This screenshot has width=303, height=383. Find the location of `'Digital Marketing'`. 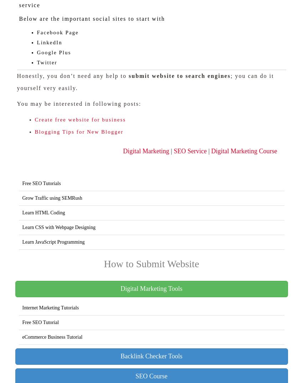

'Digital Marketing' is located at coordinates (146, 151).